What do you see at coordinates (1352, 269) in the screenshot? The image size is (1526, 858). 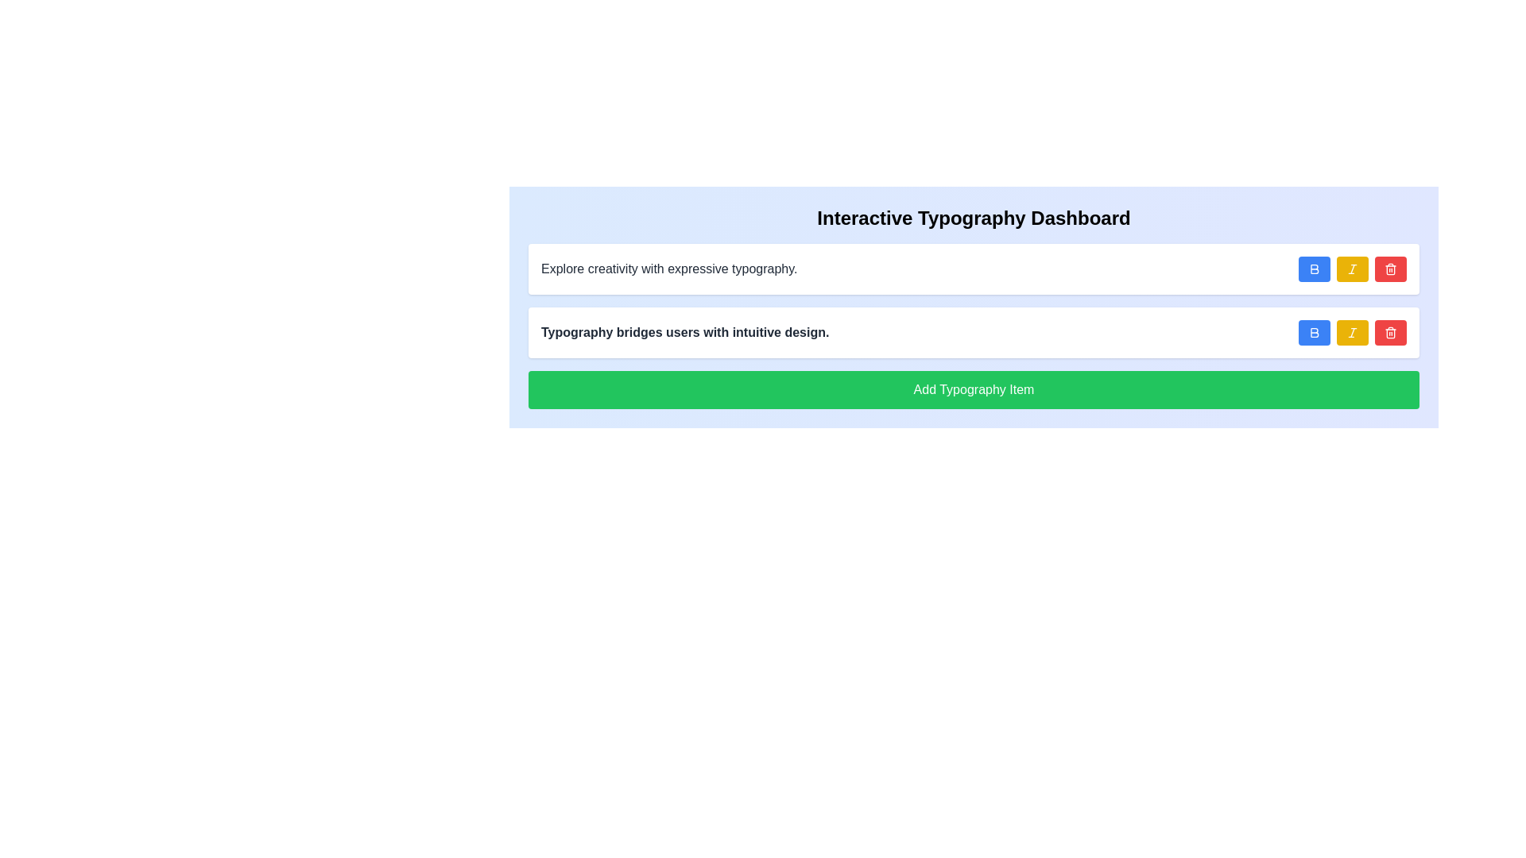 I see `the small rectangular button with a bright yellow background and white text, positioned between a blue button on its left and a red button on its right` at bounding box center [1352, 269].